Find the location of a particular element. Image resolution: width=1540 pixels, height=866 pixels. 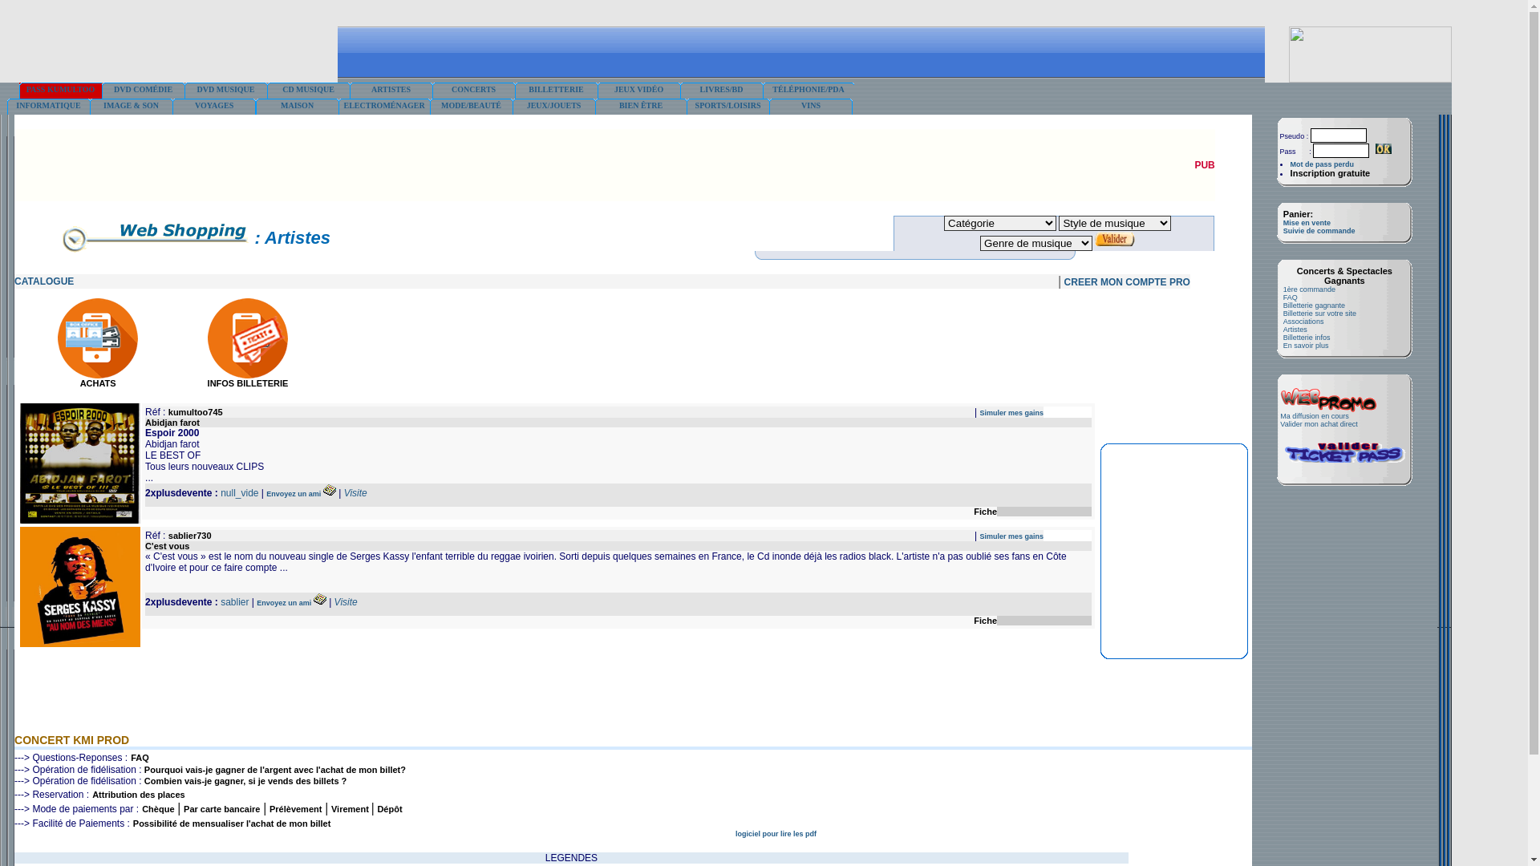

'Par carte bancaire' is located at coordinates (221, 809).